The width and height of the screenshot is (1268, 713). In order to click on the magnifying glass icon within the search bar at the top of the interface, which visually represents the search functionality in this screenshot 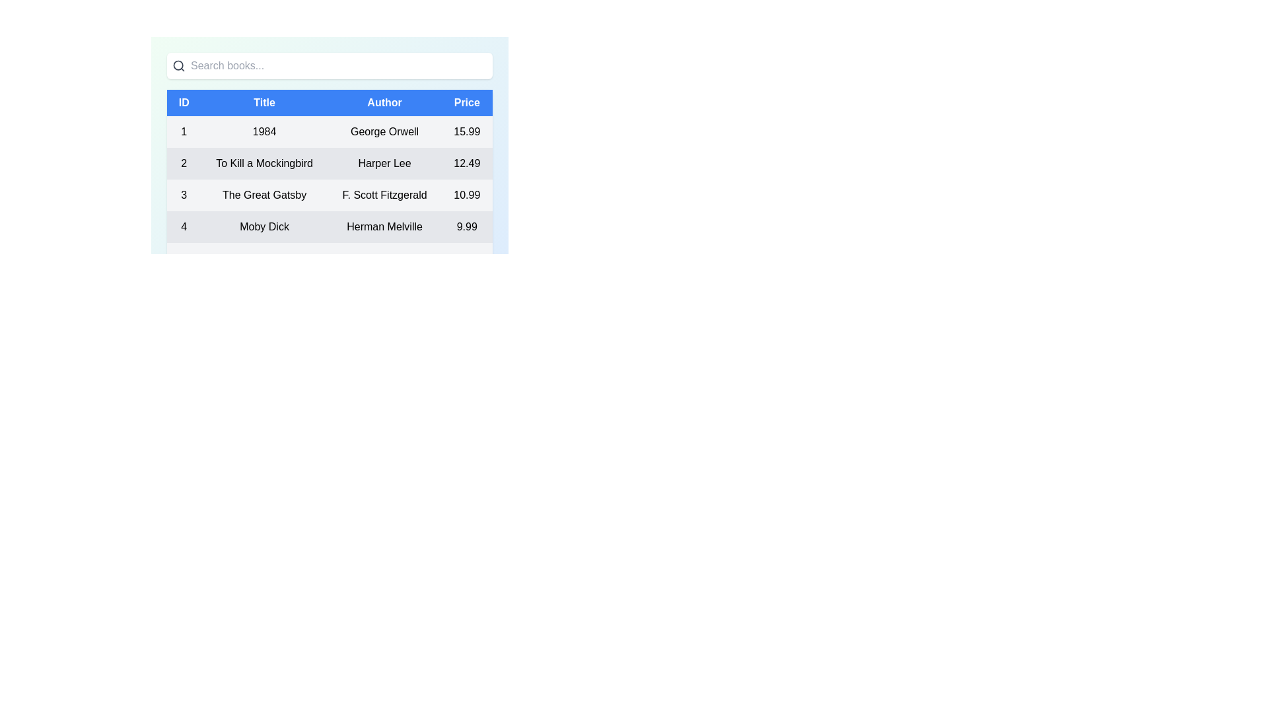, I will do `click(178, 65)`.